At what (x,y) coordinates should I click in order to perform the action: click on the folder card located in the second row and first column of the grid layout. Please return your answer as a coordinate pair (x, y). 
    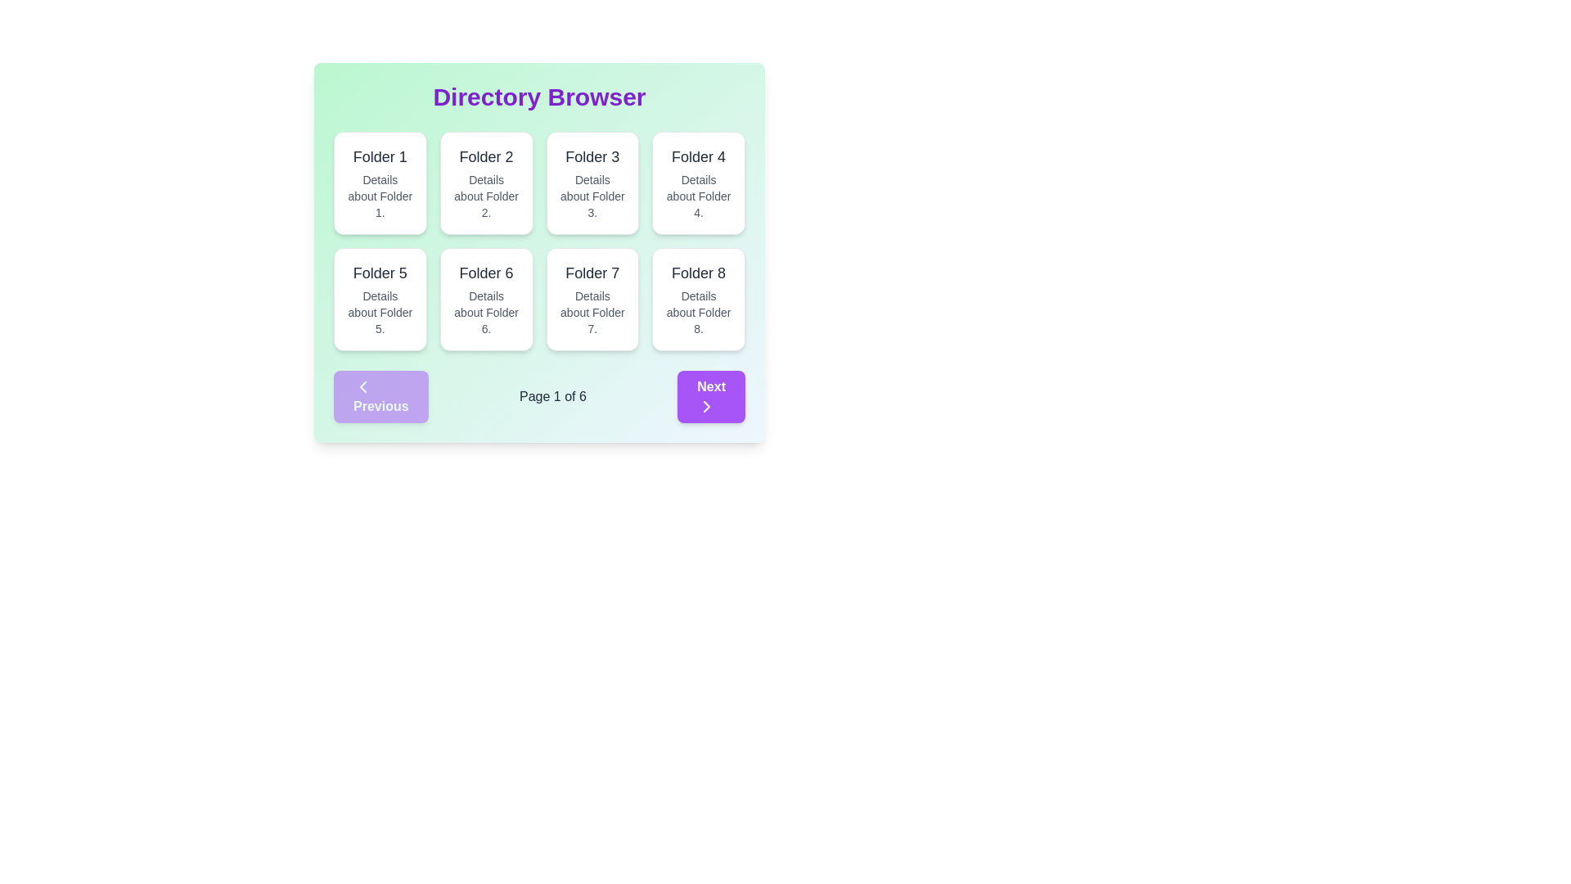
    Looking at the image, I should click on (379, 300).